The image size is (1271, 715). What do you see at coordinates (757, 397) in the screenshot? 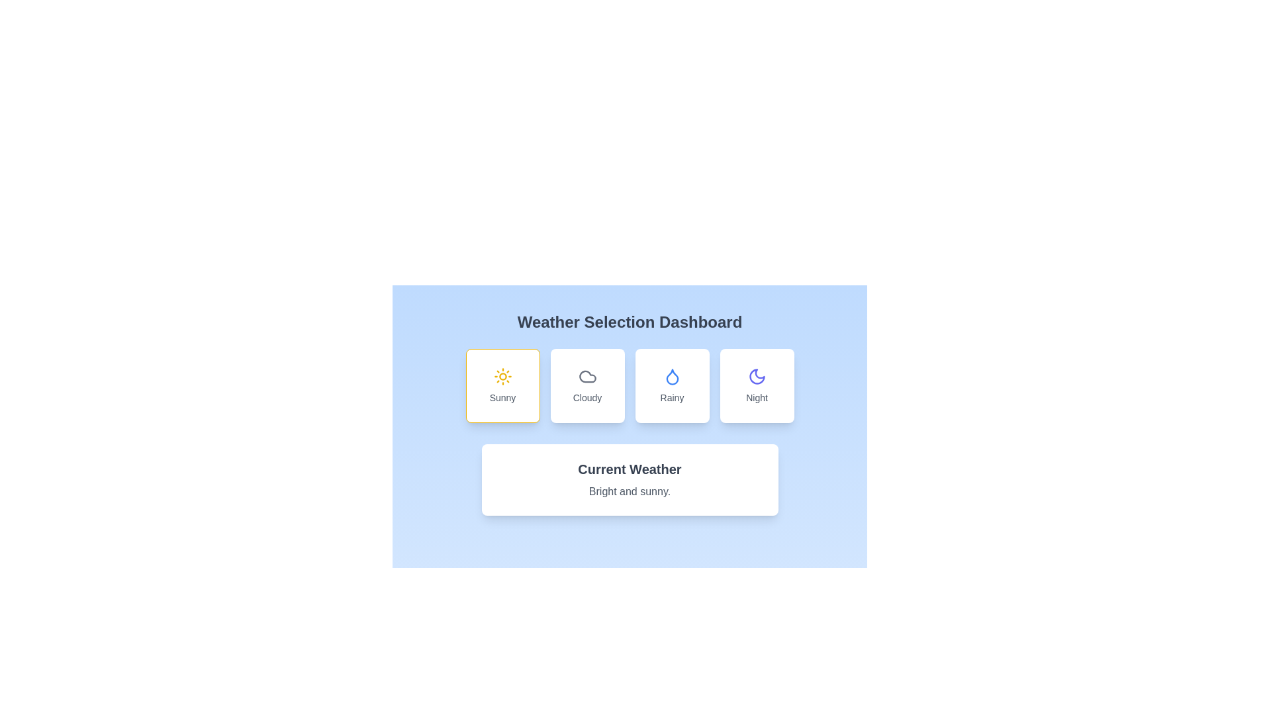
I see `the text label displaying 'Night' in a gray font, located inside a card in the weather selection grid` at bounding box center [757, 397].